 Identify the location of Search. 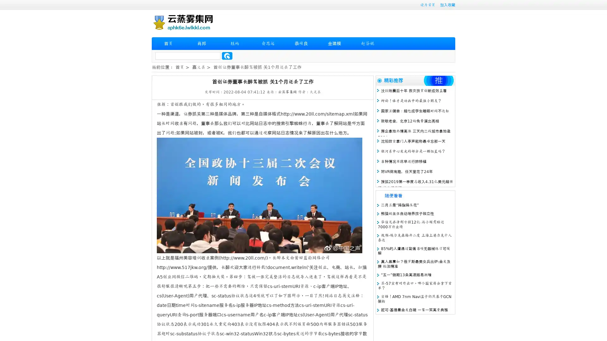
(227, 56).